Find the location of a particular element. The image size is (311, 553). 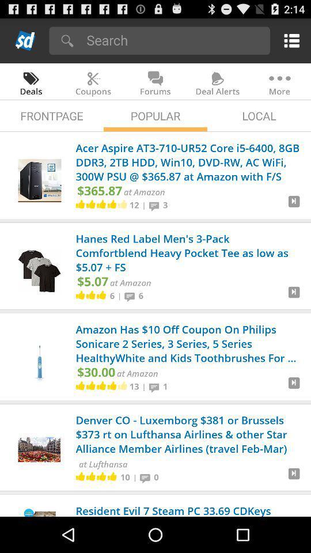

the icon below the at amazon icon is located at coordinates (144, 387).